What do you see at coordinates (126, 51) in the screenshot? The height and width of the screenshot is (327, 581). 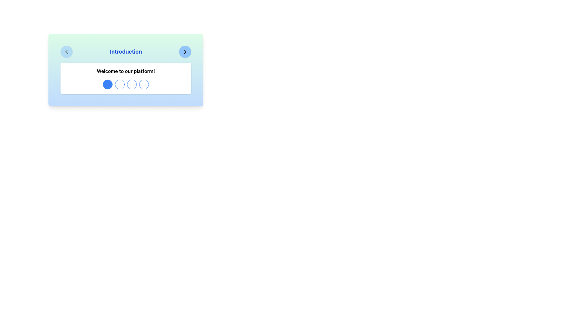 I see `the static text element that serves as a title or header, providing context for the content below` at bounding box center [126, 51].